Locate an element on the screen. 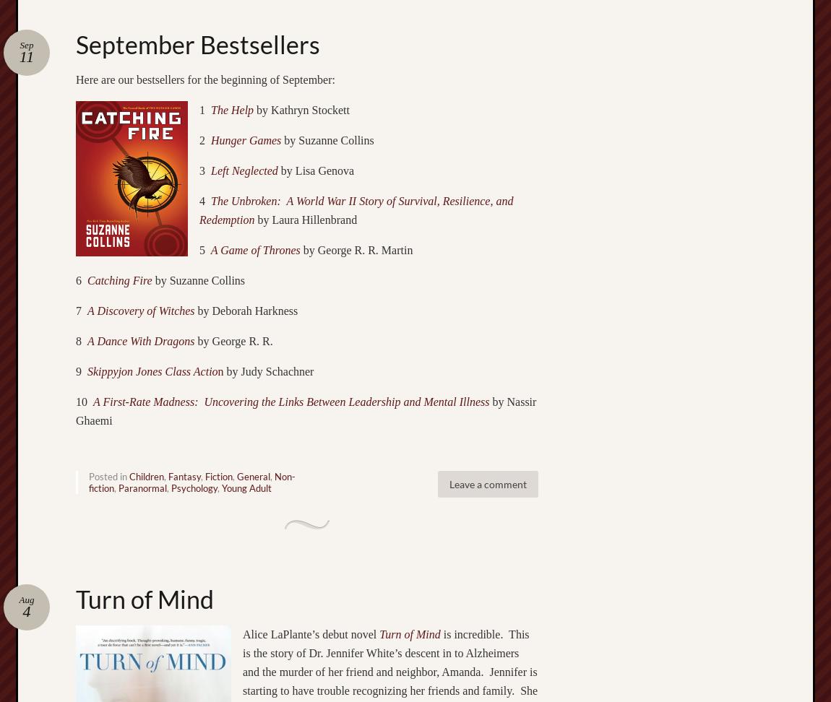 This screenshot has height=702, width=831. 'n' is located at coordinates (220, 370).